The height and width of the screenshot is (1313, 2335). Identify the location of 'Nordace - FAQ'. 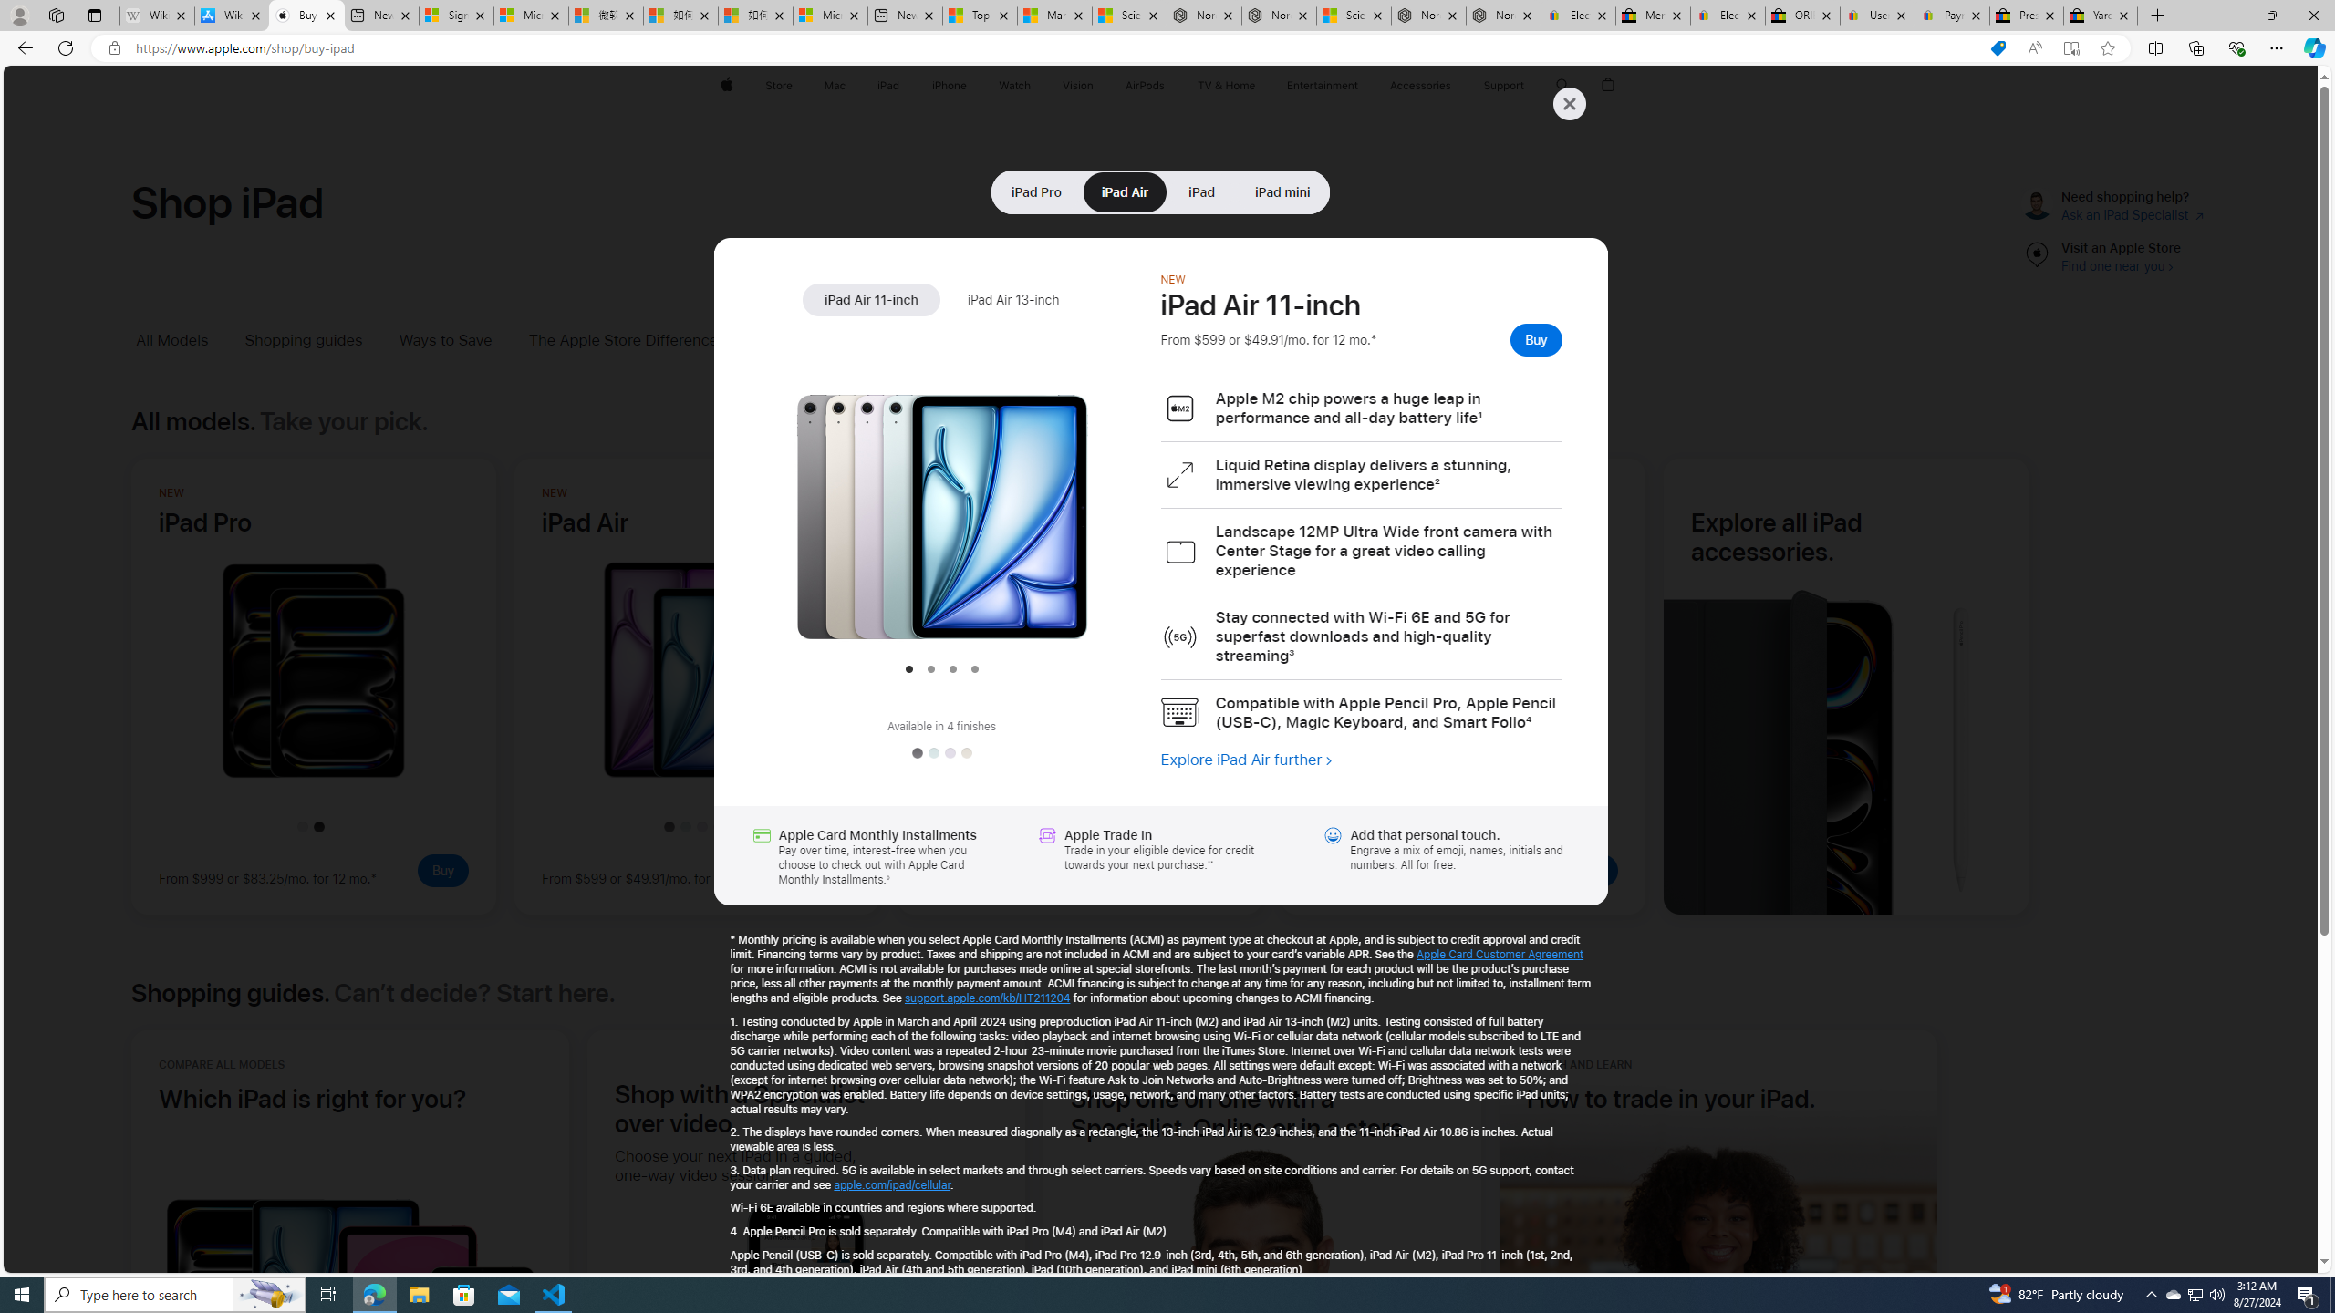
(1502, 15).